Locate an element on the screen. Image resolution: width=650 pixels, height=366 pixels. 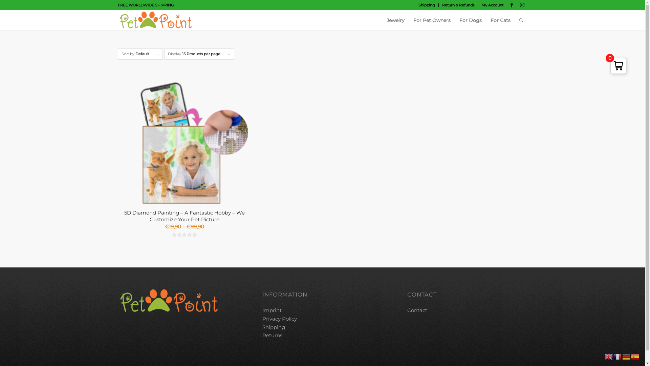
'German' is located at coordinates (626, 356).